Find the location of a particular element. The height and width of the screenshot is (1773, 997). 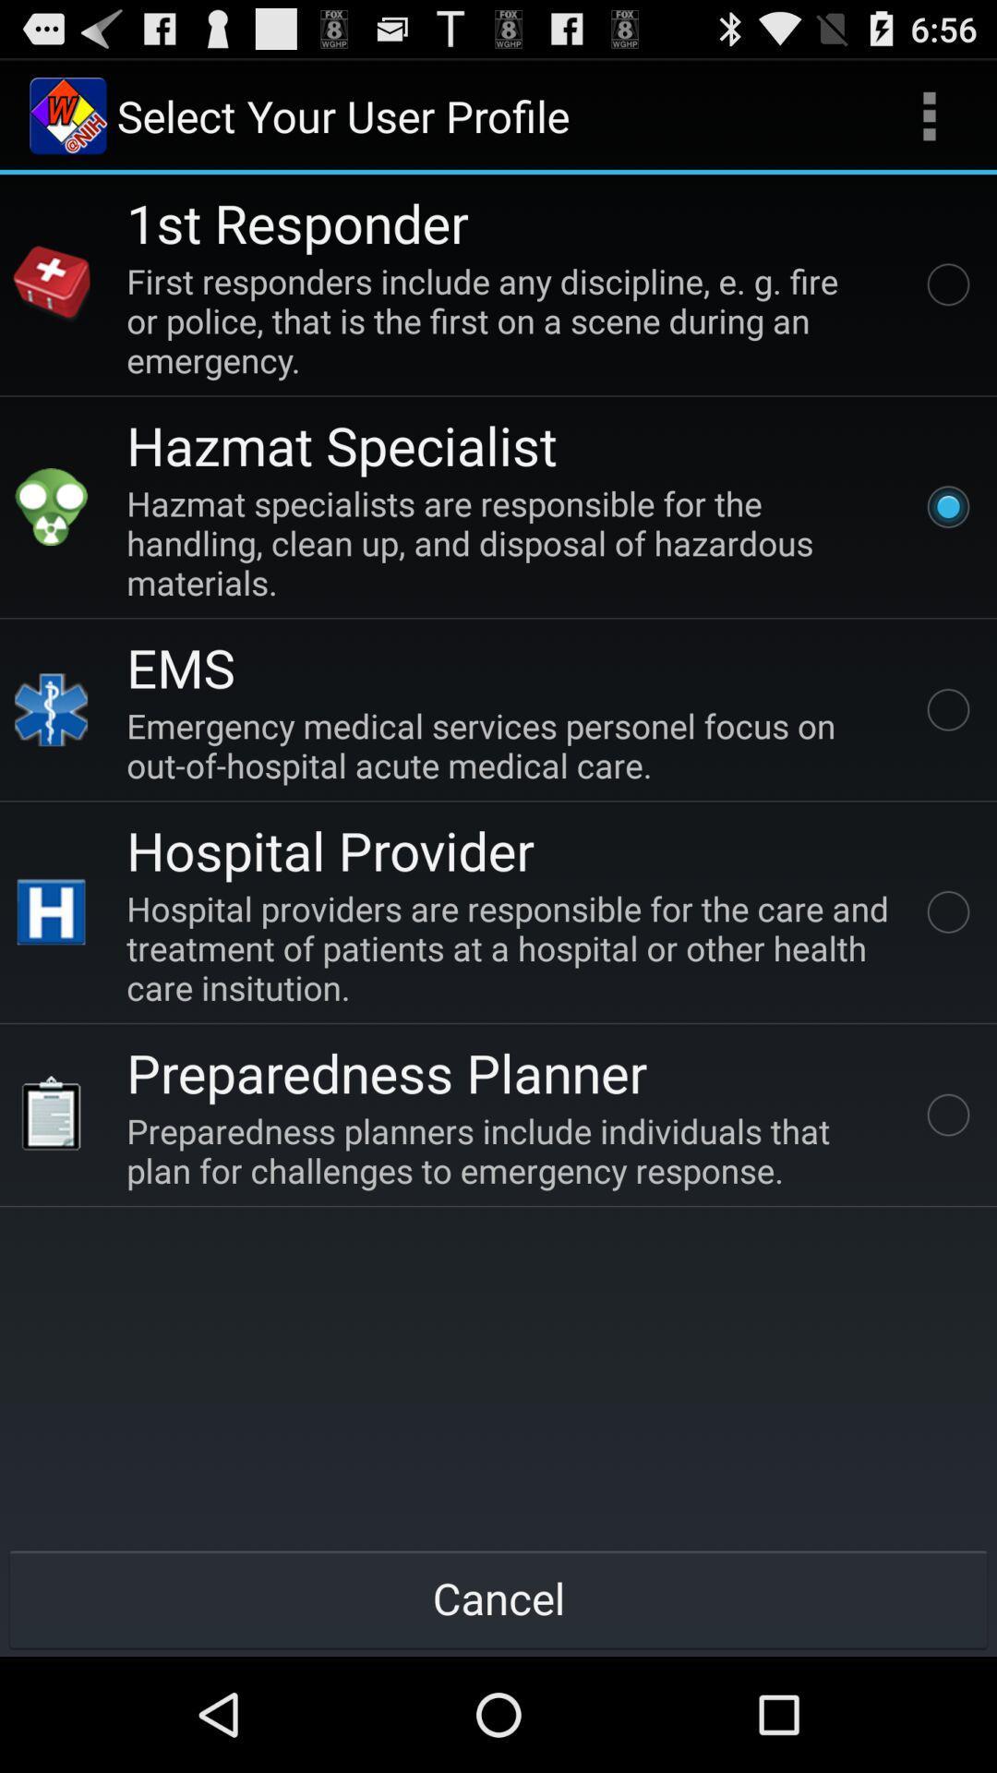

hospital provider app is located at coordinates (330, 849).